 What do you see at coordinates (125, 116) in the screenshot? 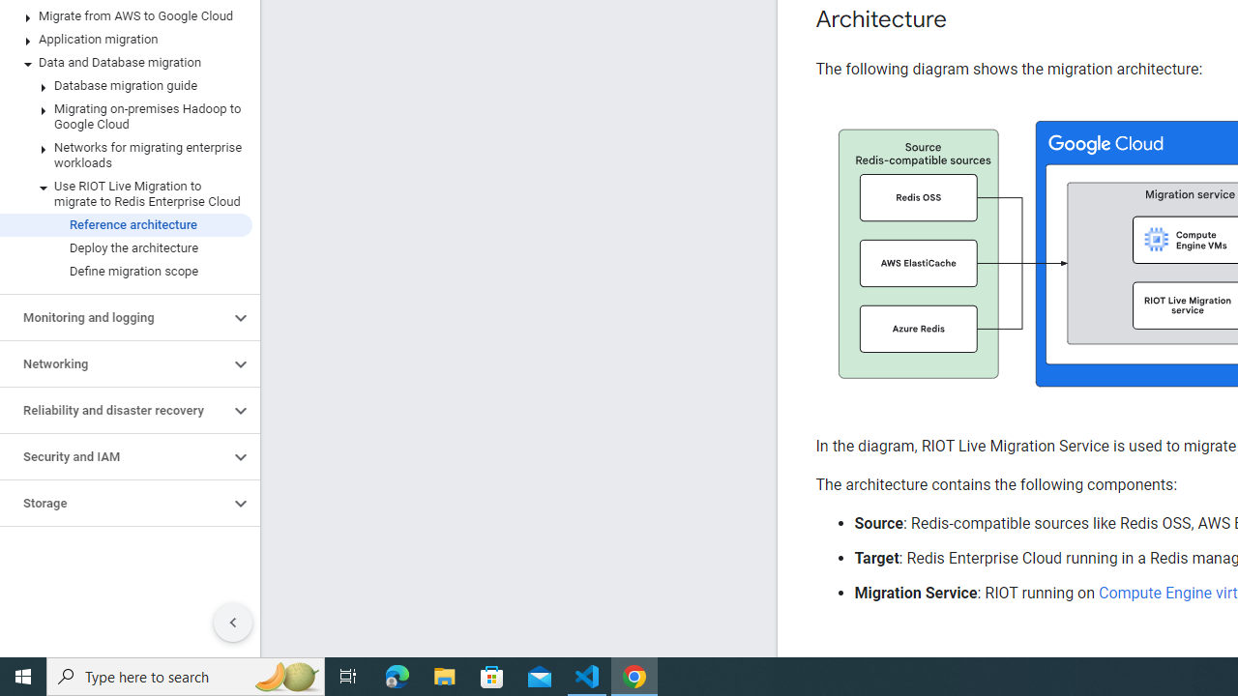
I see `'Migrating on-premises Hadoop to Google Cloud'` at bounding box center [125, 116].